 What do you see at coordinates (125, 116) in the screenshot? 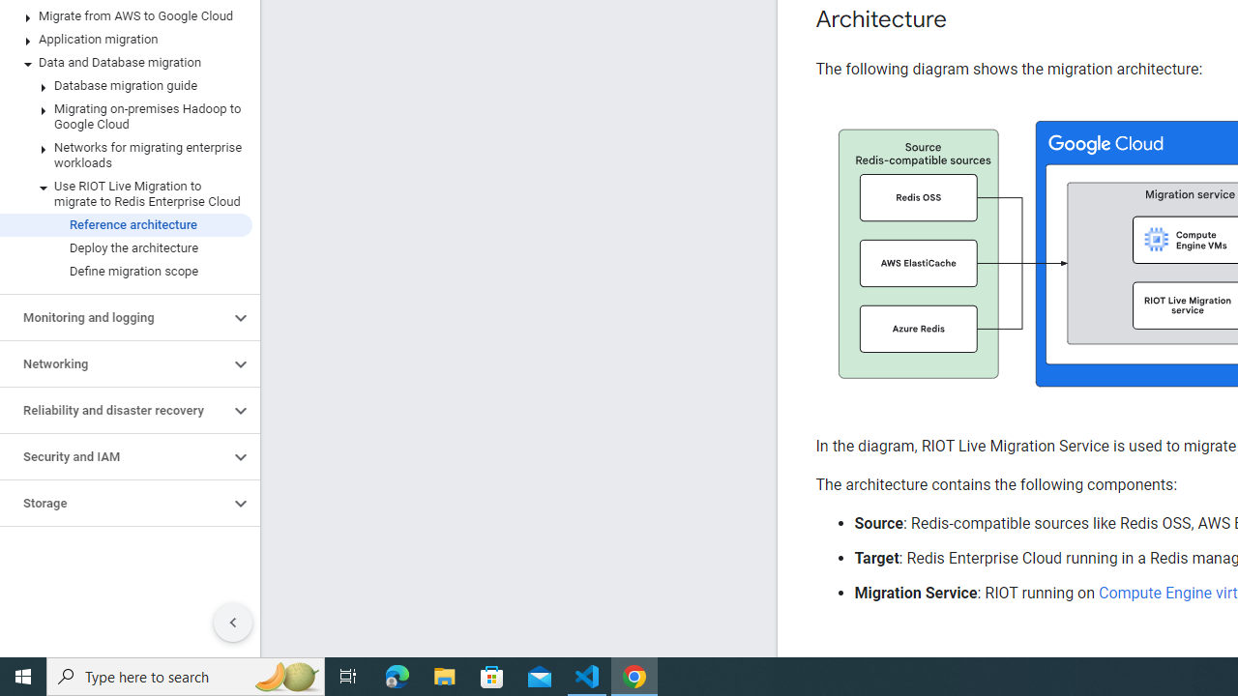
I see `'Migrating on-premises Hadoop to Google Cloud'` at bounding box center [125, 116].